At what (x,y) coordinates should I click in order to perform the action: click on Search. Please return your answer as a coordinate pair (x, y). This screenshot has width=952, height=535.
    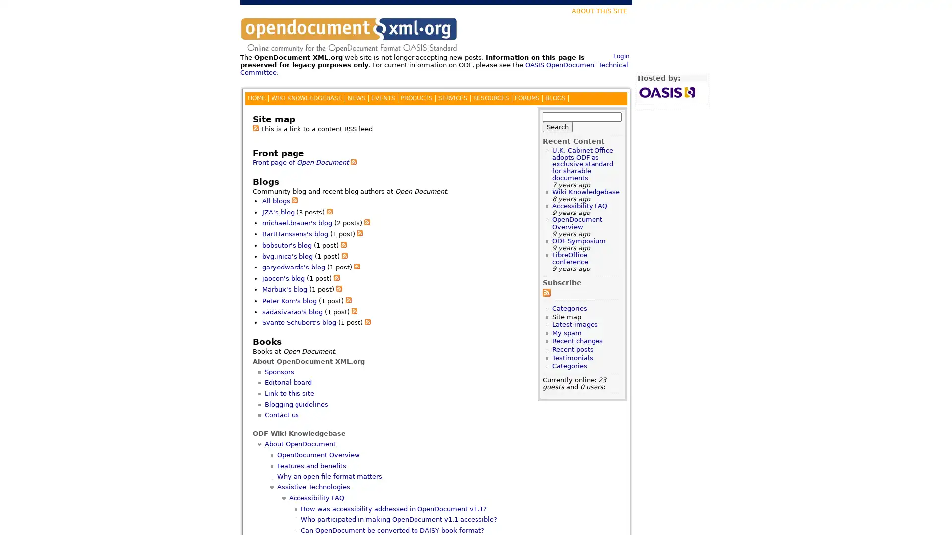
    Looking at the image, I should click on (557, 126).